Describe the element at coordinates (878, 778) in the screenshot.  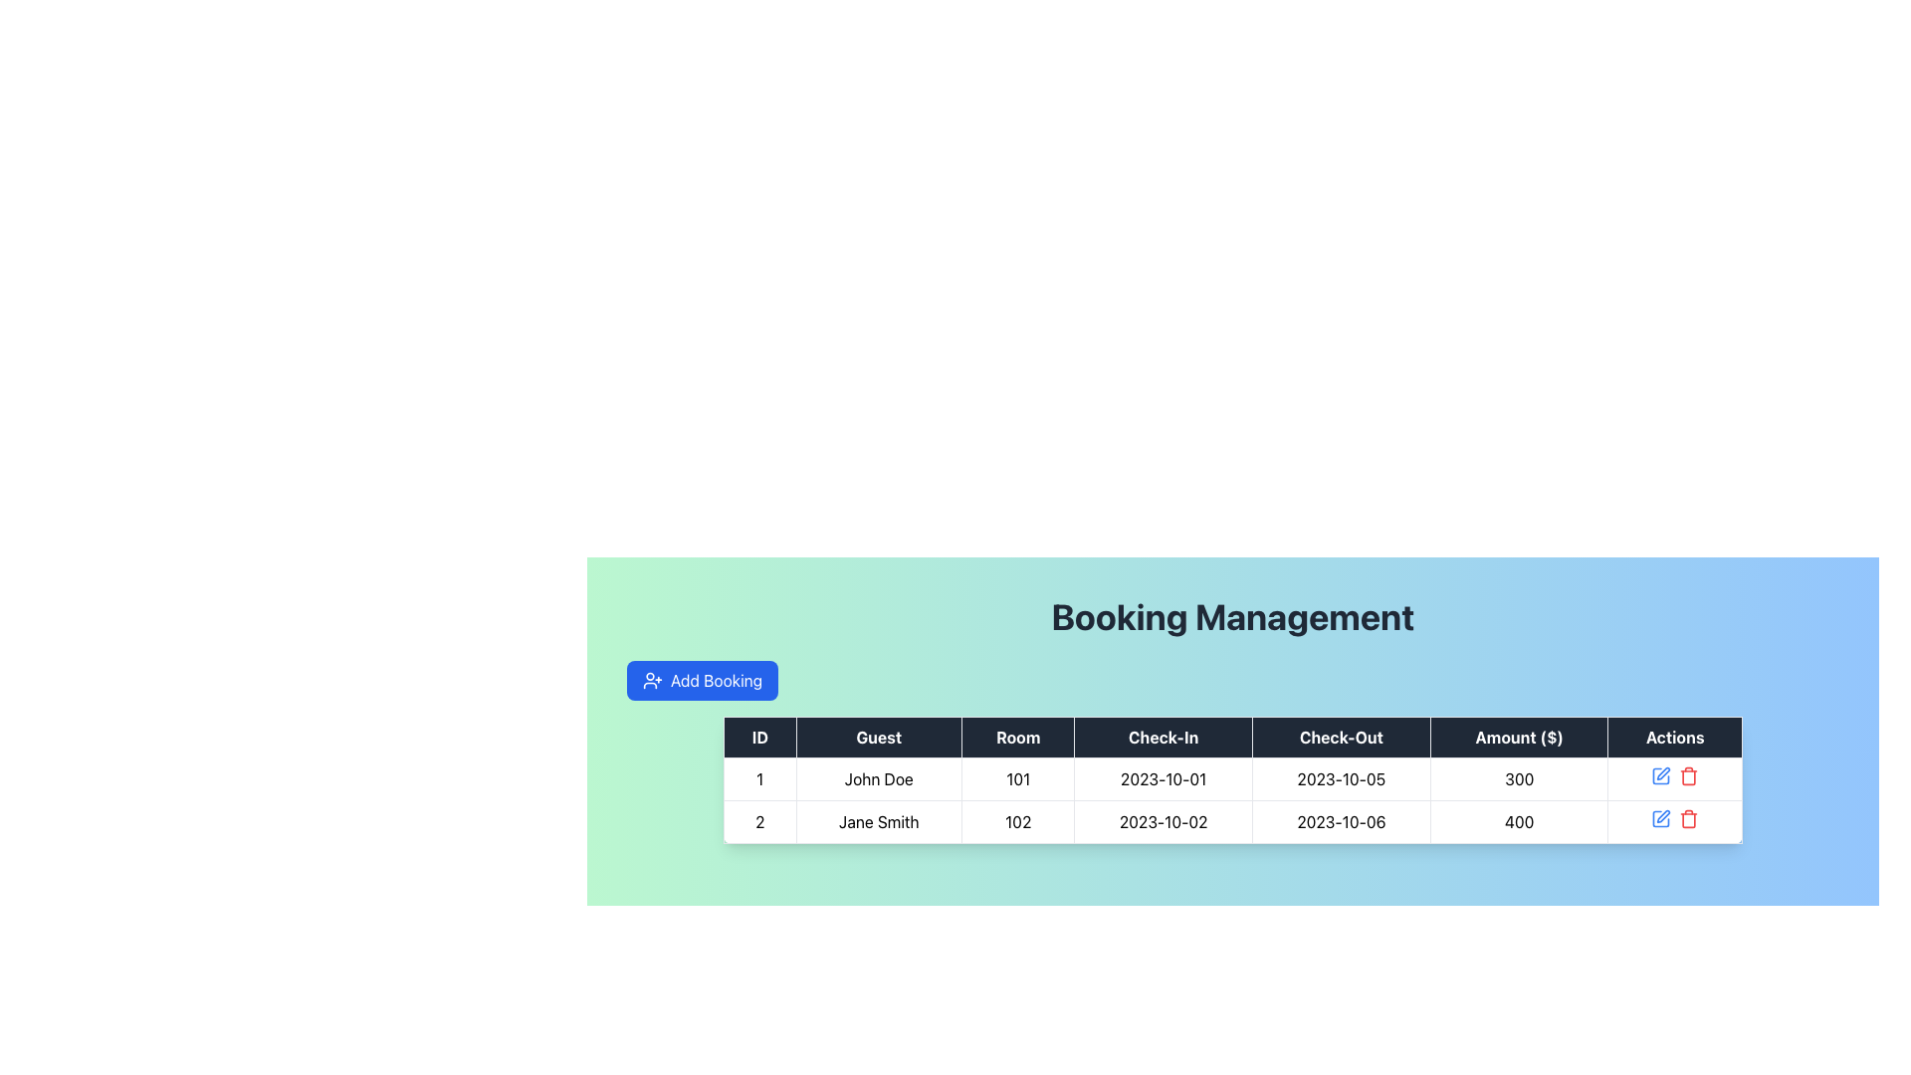
I see `the text label displaying 'John Doe' located in the 'Guest' column of the data table, which is aligned to the center of its cell` at that location.